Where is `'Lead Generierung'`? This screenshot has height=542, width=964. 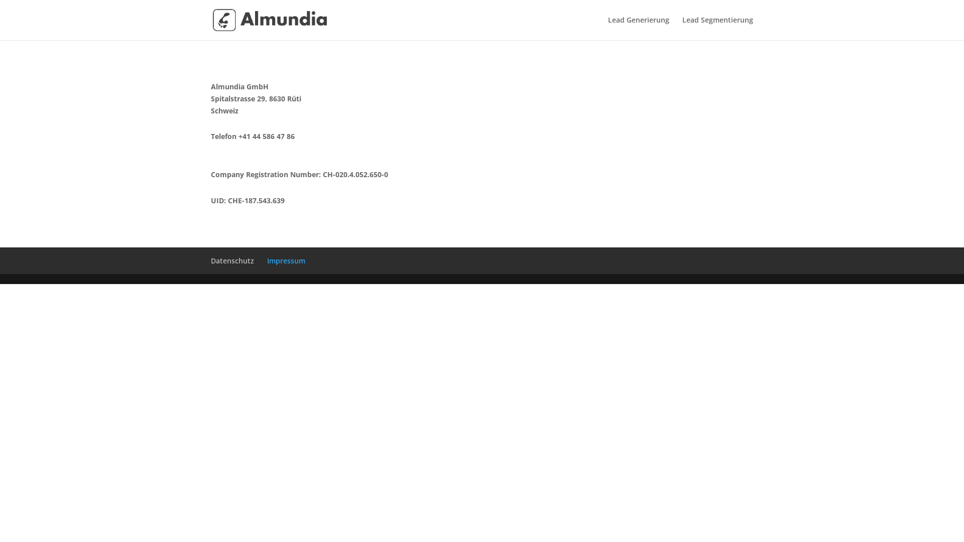 'Lead Generierung' is located at coordinates (638, 28).